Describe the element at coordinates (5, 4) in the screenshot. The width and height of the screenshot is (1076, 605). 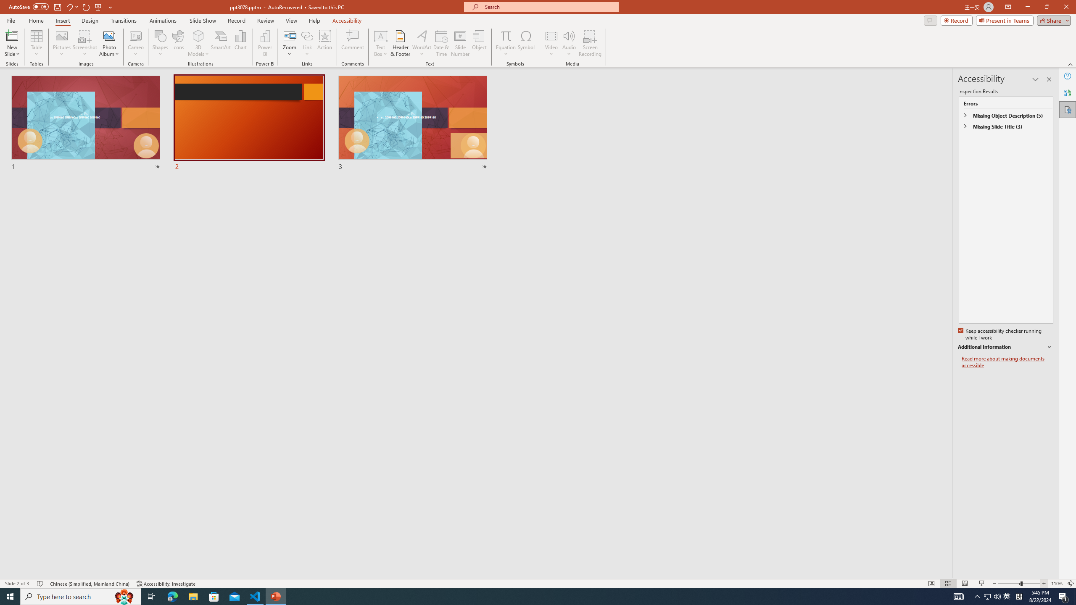
I see `'System'` at that location.